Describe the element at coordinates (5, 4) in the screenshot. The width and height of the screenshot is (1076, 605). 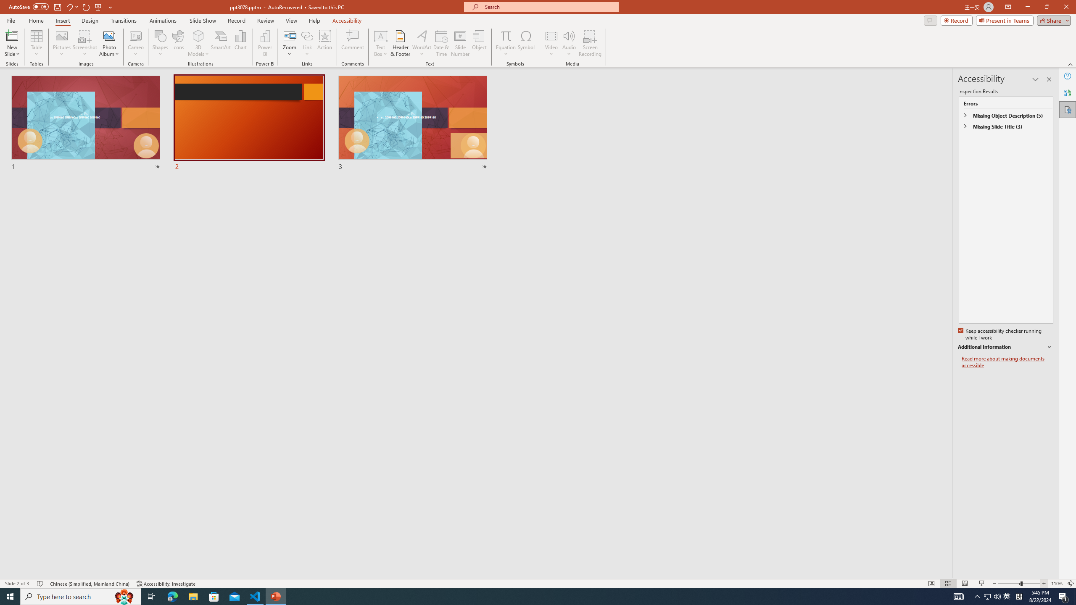
I see `'System'` at that location.